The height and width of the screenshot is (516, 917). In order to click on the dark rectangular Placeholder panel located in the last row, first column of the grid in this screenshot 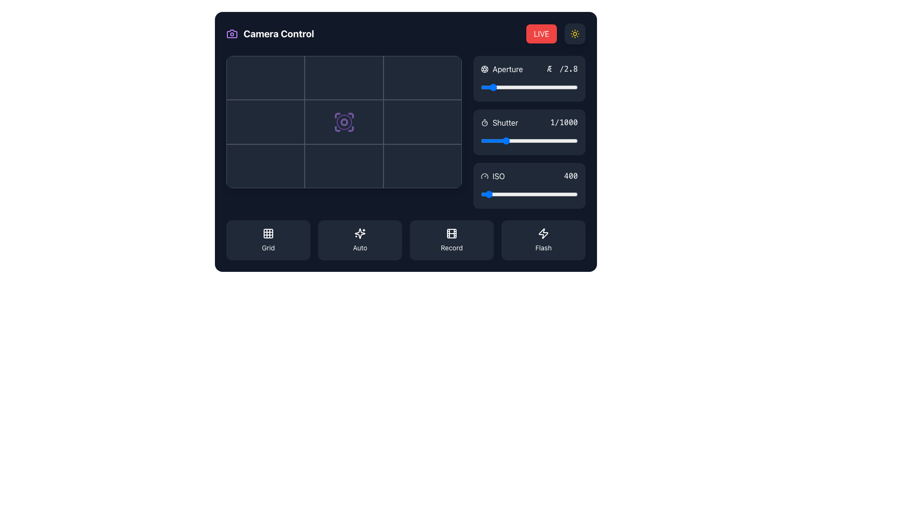, I will do `click(266, 166)`.